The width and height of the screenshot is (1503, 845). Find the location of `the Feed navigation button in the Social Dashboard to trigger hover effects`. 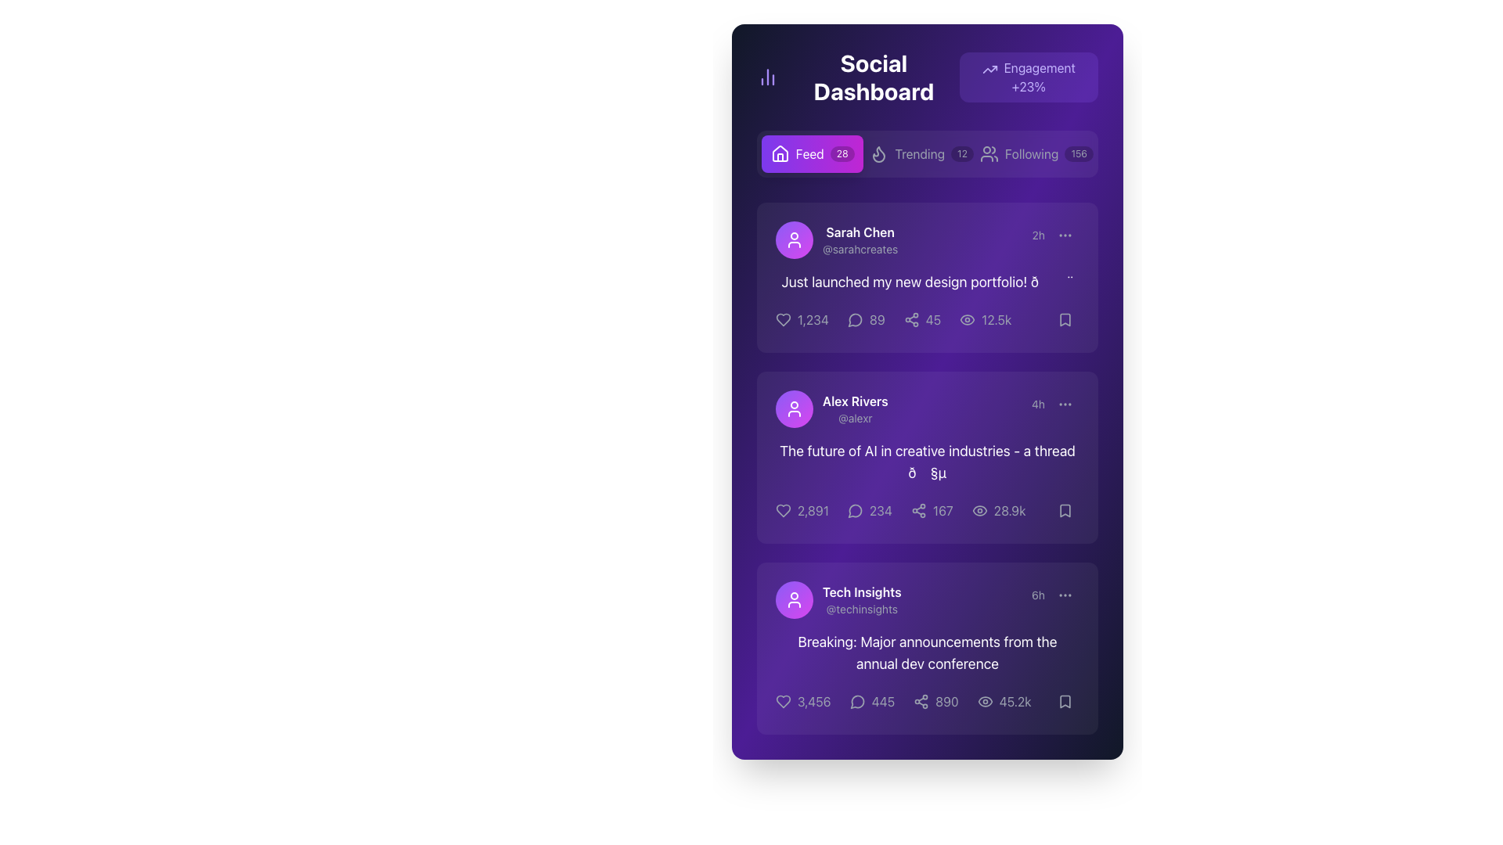

the Feed navigation button in the Social Dashboard to trigger hover effects is located at coordinates (813, 153).